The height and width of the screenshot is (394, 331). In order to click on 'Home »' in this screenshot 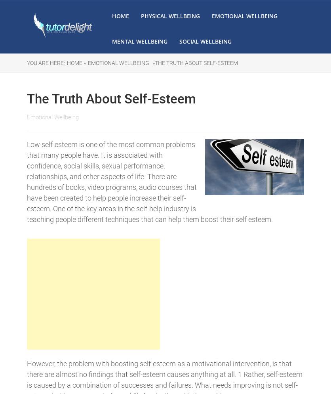, I will do `click(76, 63)`.